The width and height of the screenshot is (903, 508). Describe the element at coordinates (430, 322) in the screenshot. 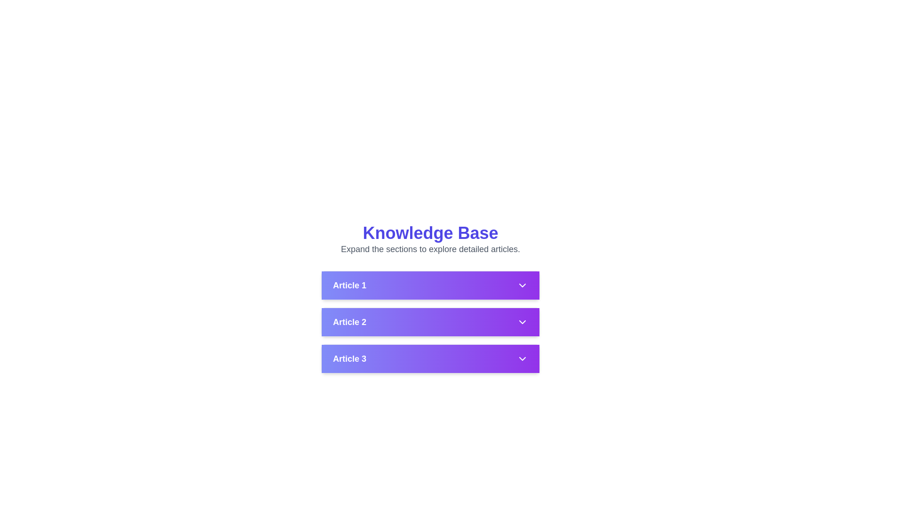

I see `the collapsible section header for 'Article 2'` at that location.